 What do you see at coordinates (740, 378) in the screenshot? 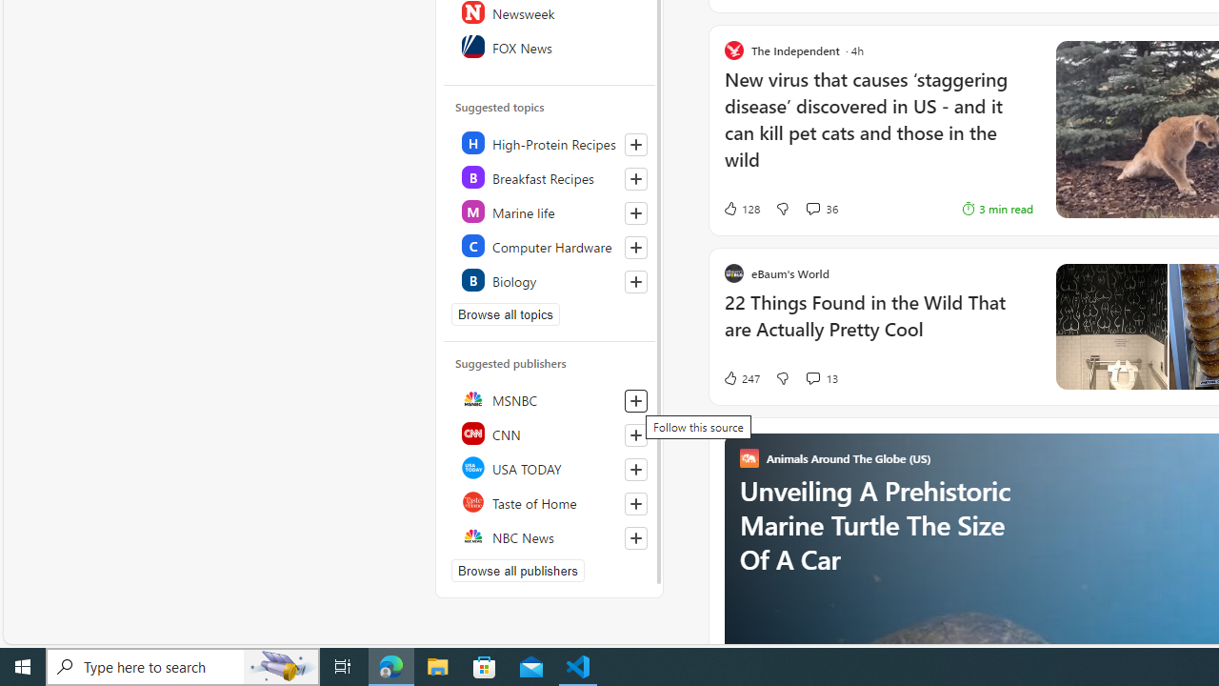
I see `'247 Like'` at bounding box center [740, 378].